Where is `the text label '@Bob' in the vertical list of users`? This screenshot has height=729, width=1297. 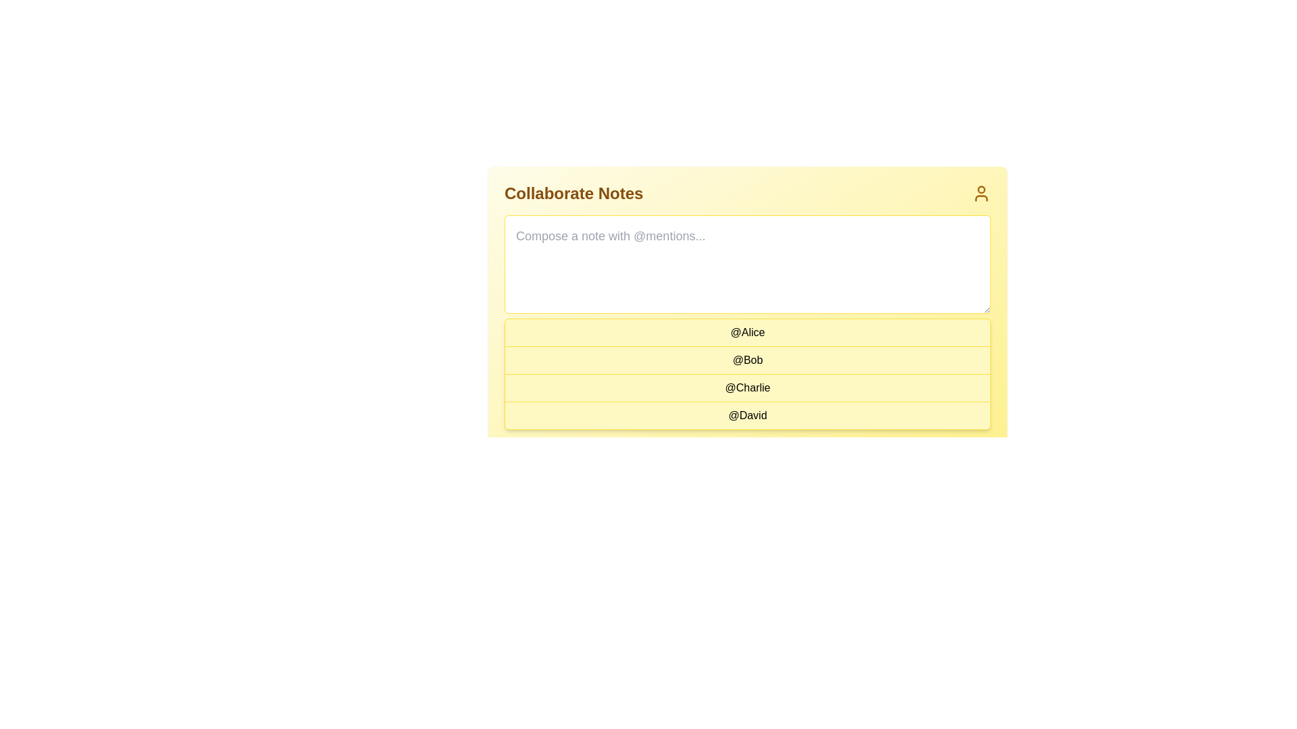 the text label '@Bob' in the vertical list of users is located at coordinates (747, 358).